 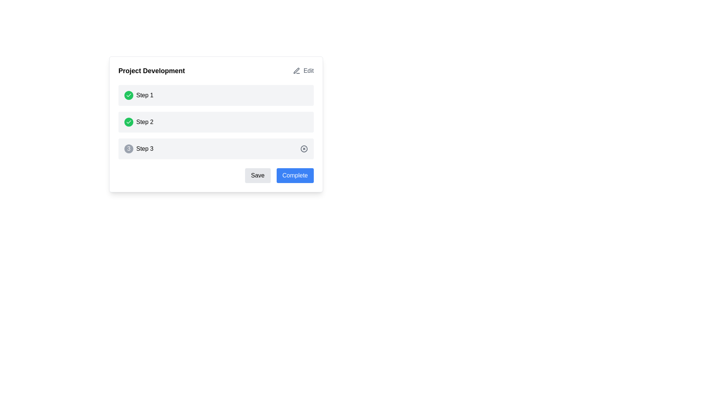 I want to click on the Status indicator icon, which is a small circular element with a green background and a white checkmark, located to the left of 'Step 1', so click(x=128, y=95).